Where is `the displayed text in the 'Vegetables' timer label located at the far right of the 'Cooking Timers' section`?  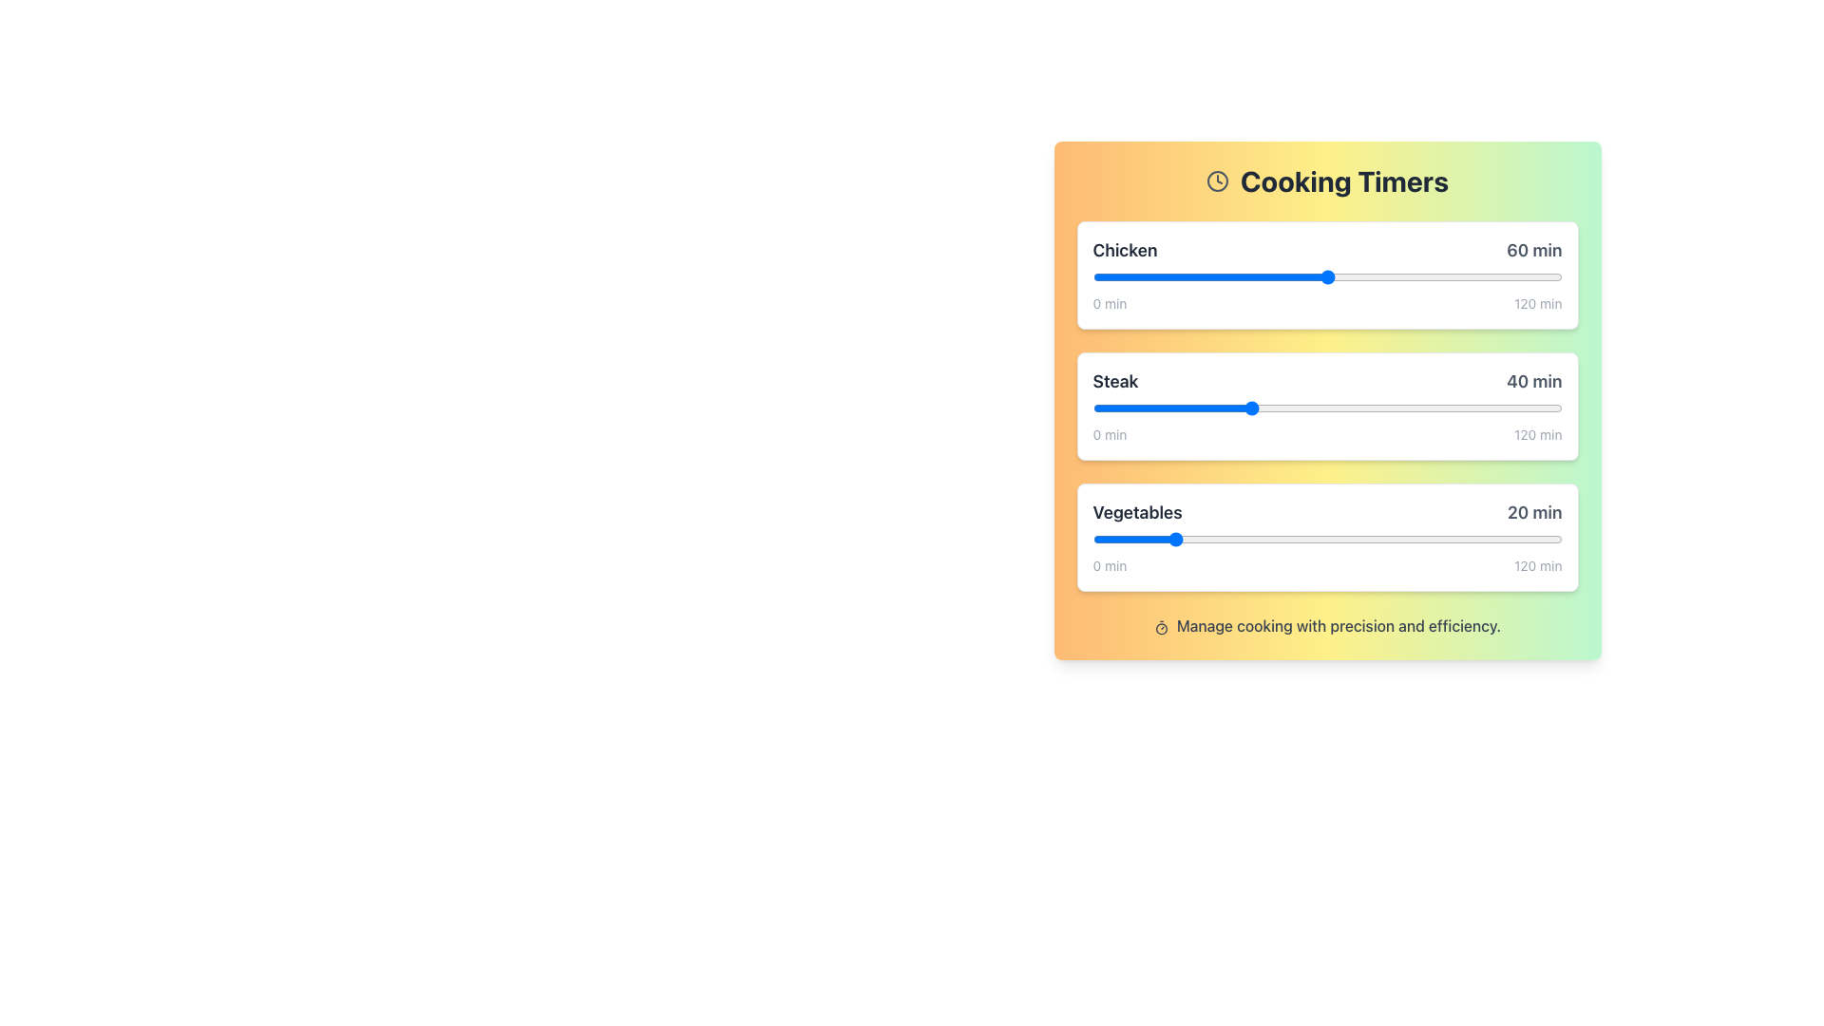
the displayed text in the 'Vegetables' timer label located at the far right of the 'Cooking Timers' section is located at coordinates (1534, 513).